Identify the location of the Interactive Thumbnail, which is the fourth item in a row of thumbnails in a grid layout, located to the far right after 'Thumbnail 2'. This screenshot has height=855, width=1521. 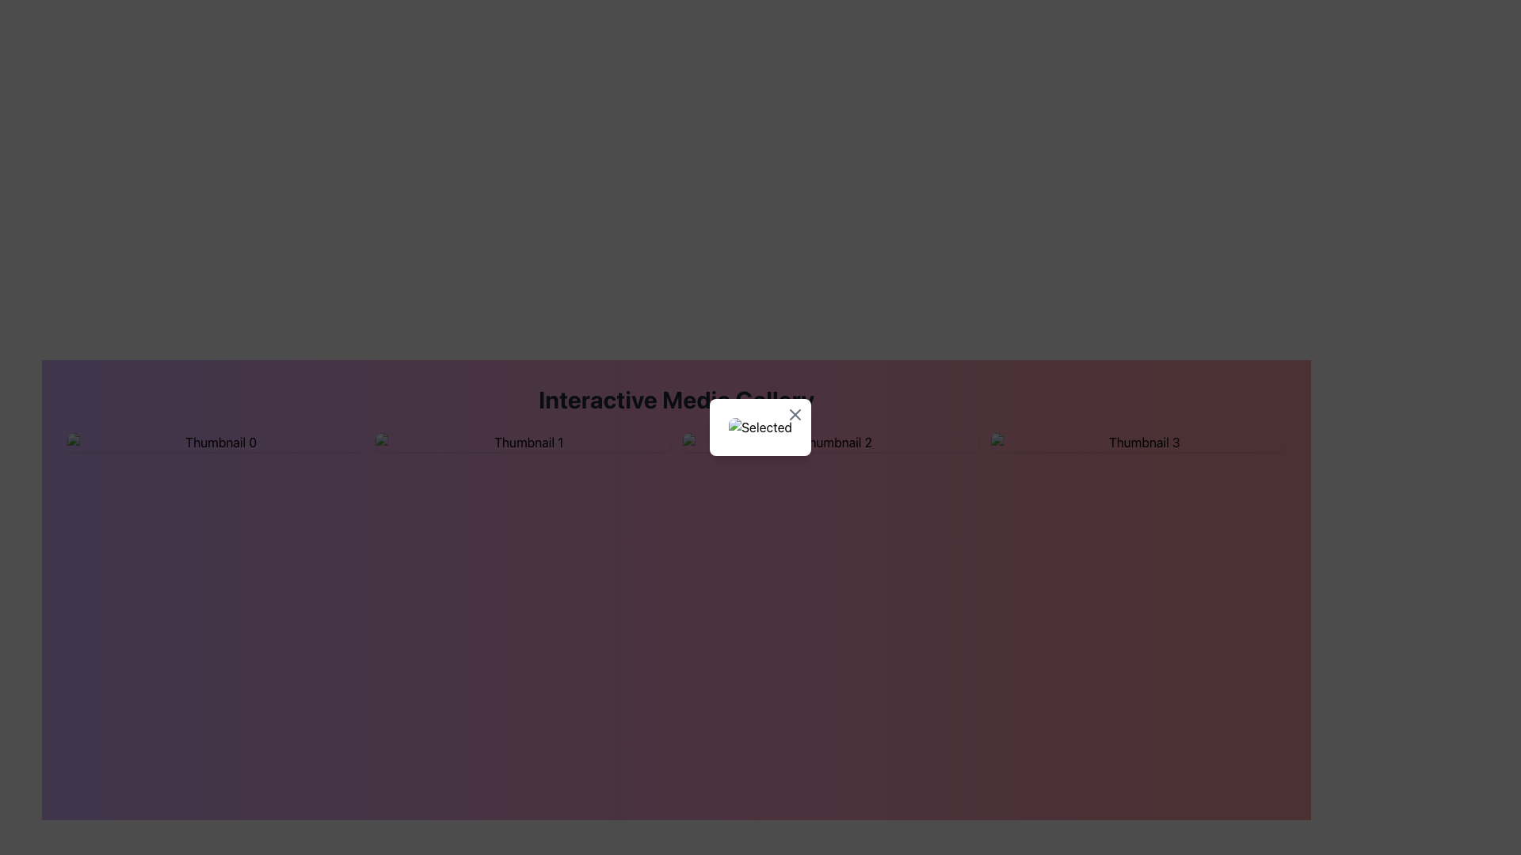
(1137, 443).